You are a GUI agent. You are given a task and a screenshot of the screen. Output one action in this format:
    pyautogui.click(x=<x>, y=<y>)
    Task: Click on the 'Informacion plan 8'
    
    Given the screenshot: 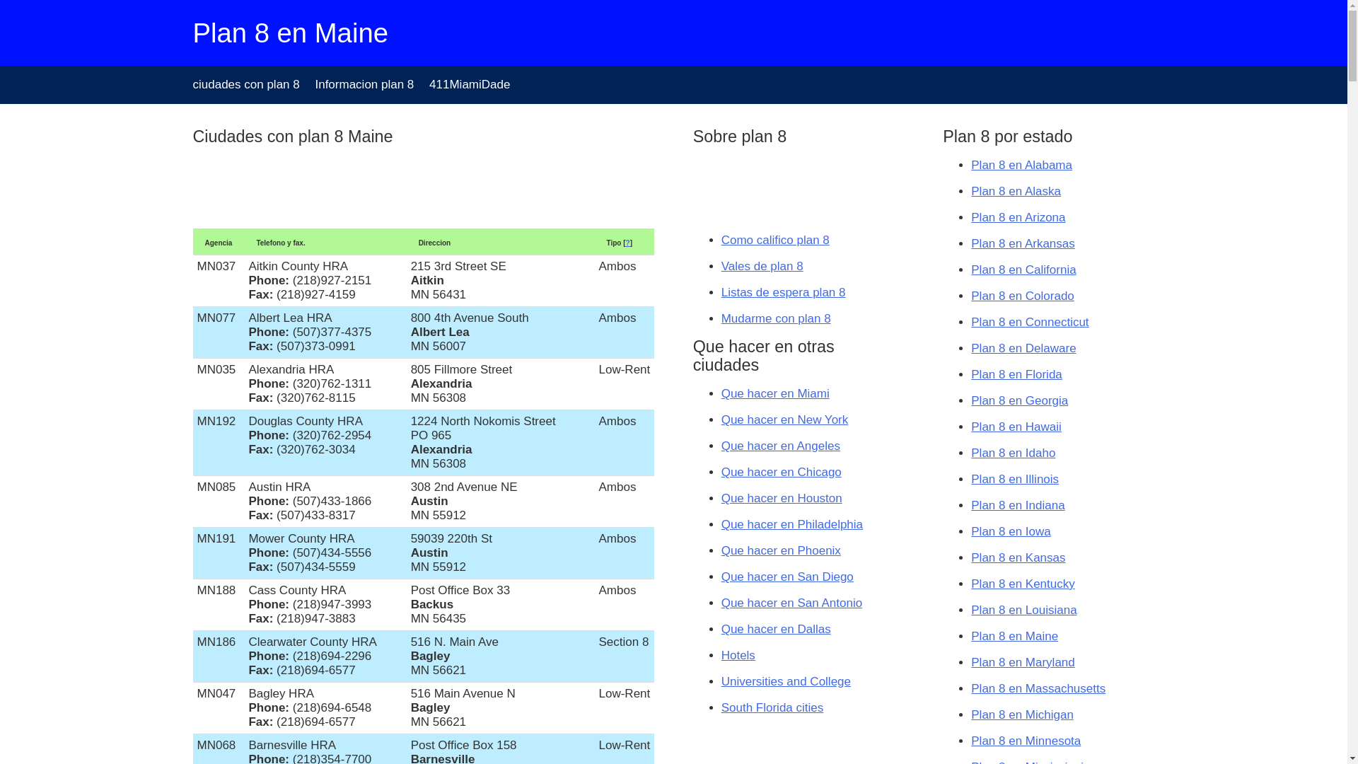 What is the action you would take?
    pyautogui.click(x=364, y=84)
    